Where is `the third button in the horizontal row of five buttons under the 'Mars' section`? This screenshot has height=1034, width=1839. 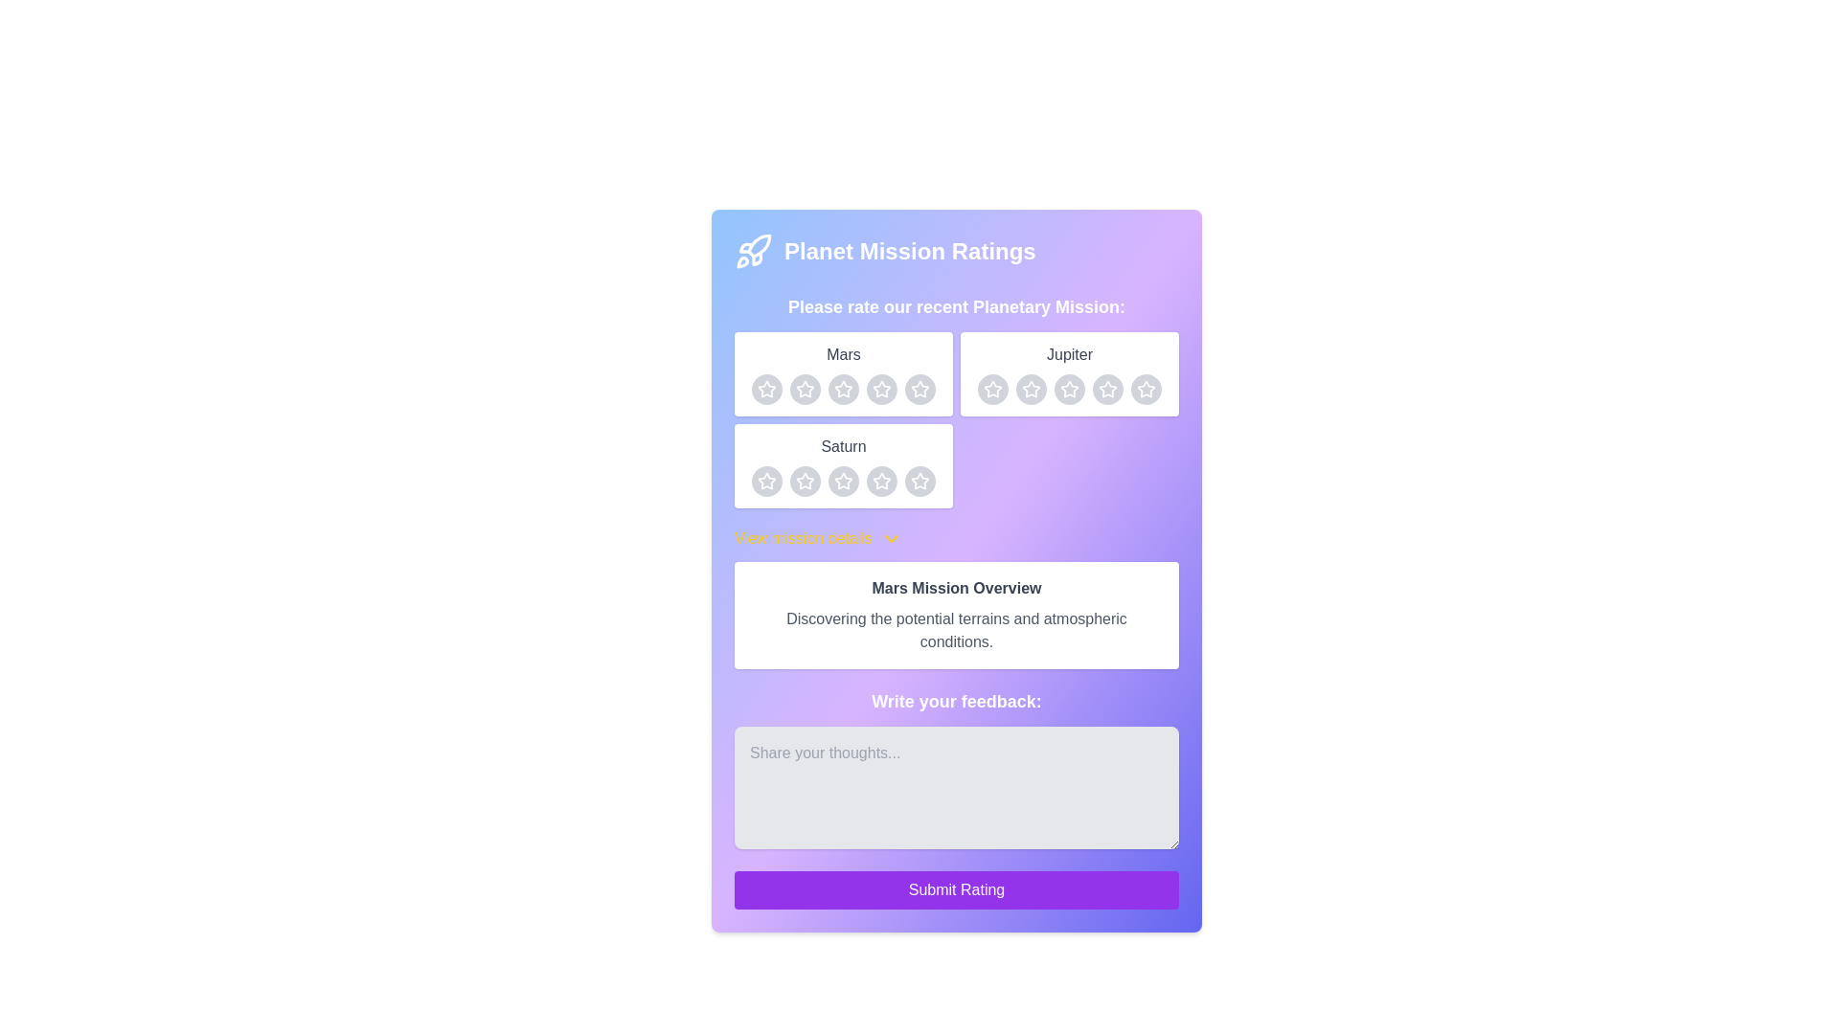
the third button in the horizontal row of five buttons under the 'Mars' section is located at coordinates (843, 389).